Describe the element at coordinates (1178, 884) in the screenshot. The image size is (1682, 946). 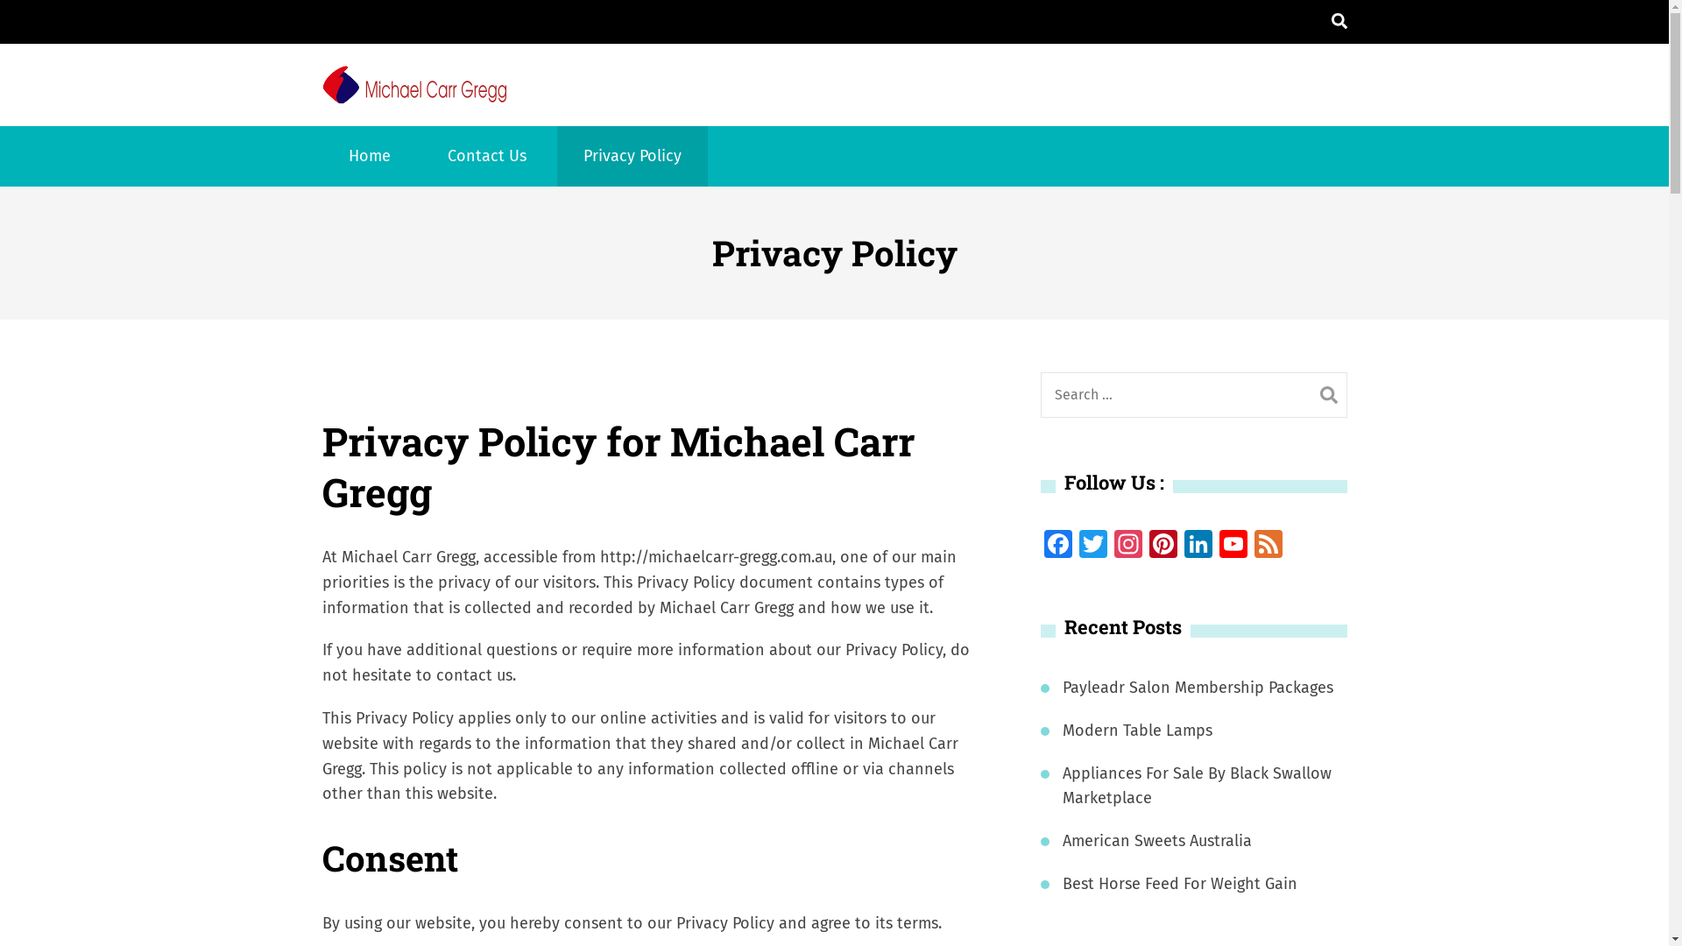
I see `'Best Horse Feed For Weight Gain'` at that location.